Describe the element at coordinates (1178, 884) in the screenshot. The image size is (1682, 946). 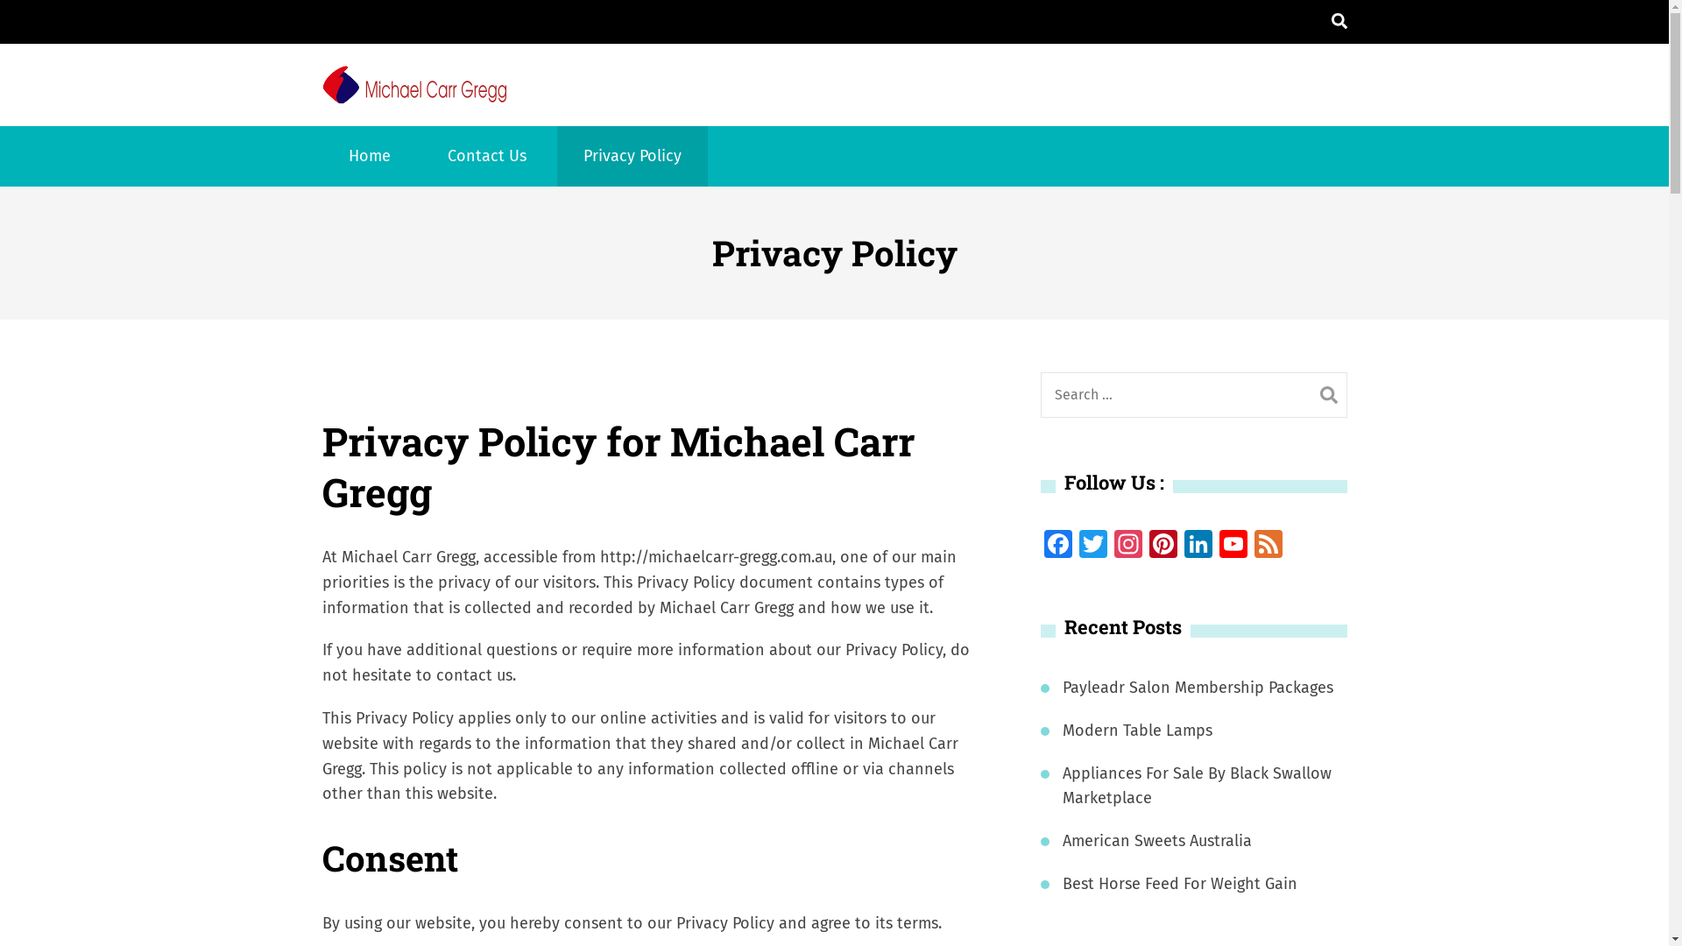
I see `'Best Horse Feed For Weight Gain'` at that location.